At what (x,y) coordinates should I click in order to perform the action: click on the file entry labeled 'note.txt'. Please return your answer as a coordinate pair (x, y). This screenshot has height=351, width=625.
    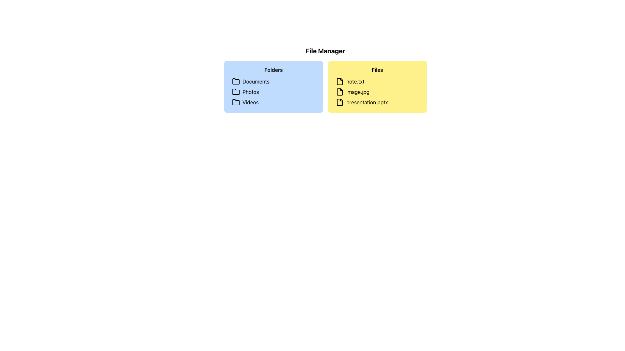
    Looking at the image, I should click on (377, 81).